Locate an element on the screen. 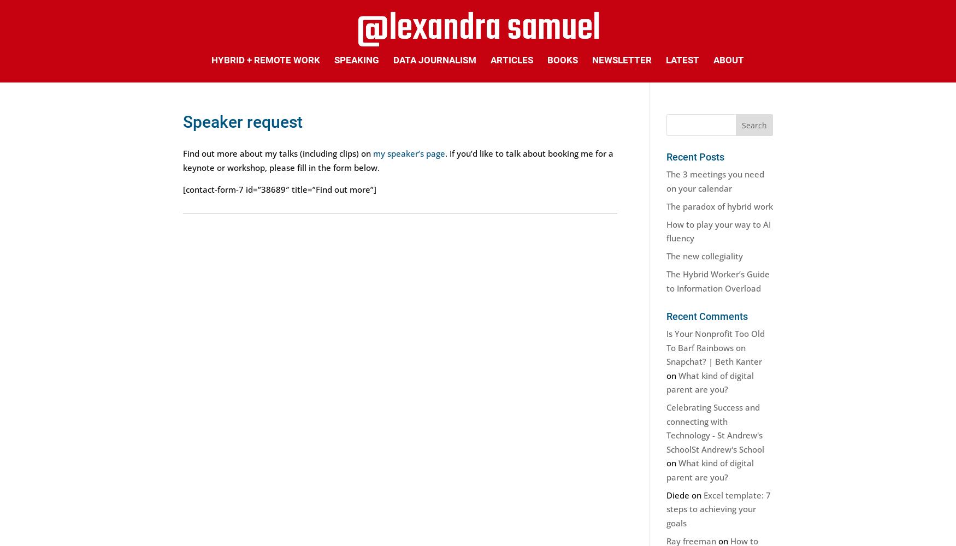 This screenshot has width=956, height=546. 'Is Your Nonprofit Too Old To Barf Rainbows on Snapchat? | Beth Kanter' is located at coordinates (715, 347).